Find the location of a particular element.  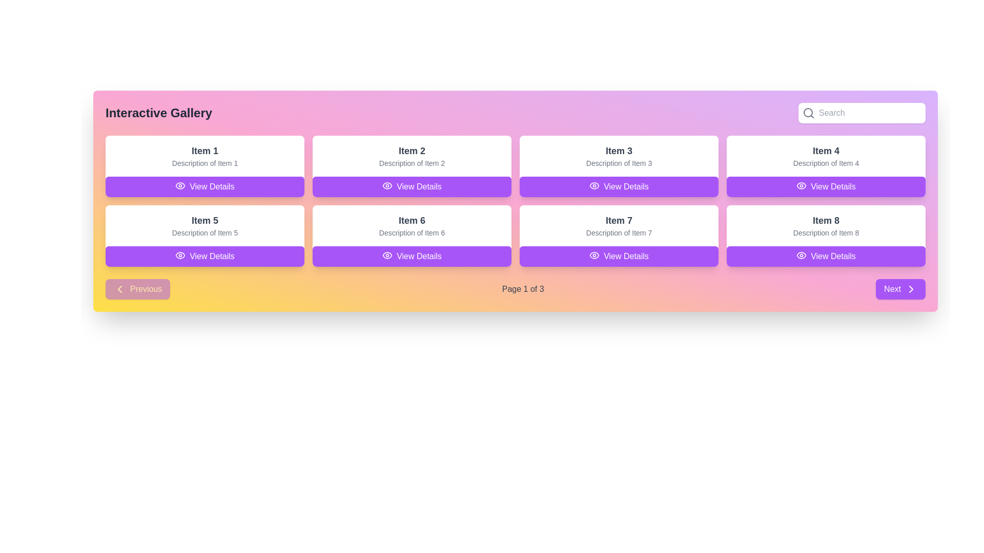

information displayed in the text element showing 'Page 1 of 3', which is located in the center of the navigation bar between the 'Previous' and 'Next' buttons is located at coordinates (516, 289).